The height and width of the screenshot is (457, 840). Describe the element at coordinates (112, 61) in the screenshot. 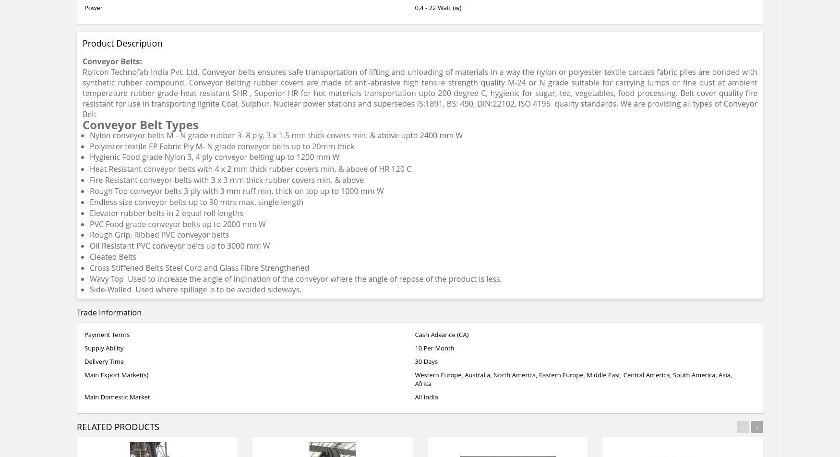

I see `'Conveyor Belts:'` at that location.